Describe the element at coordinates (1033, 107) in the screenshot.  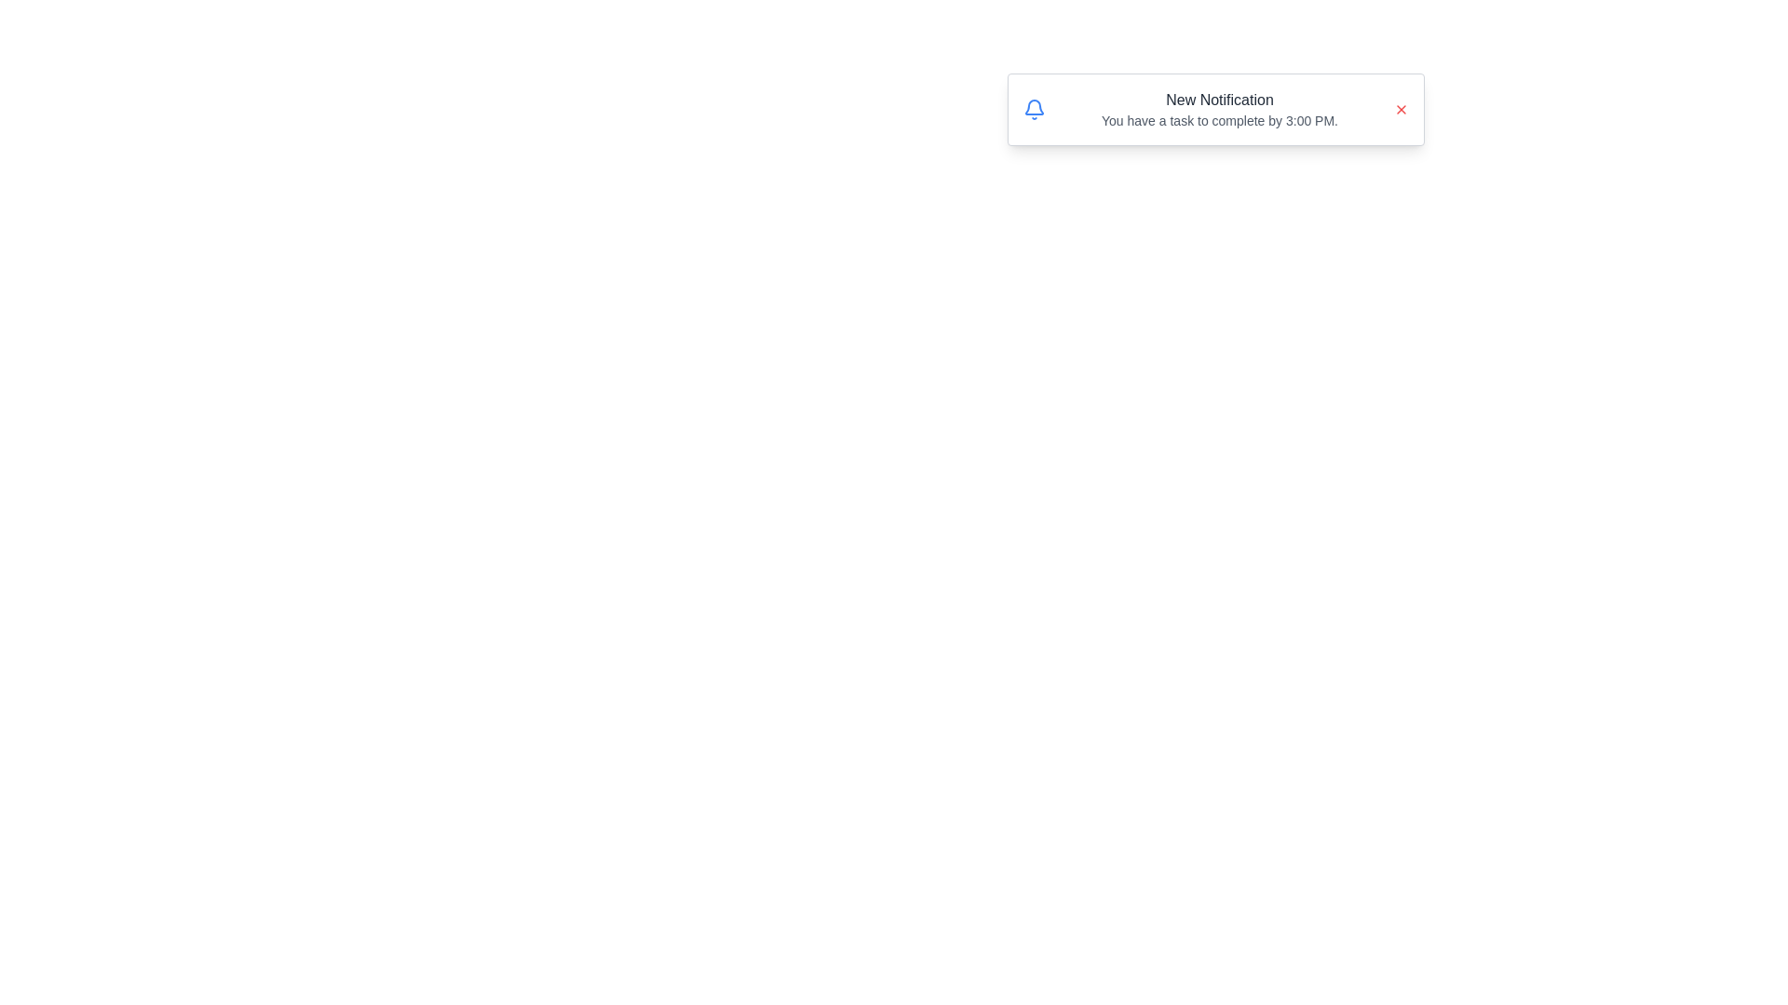
I see `the notification icon located near the left edge of the notification banner that displays 'New Notification' and the description 'You have a task to complete by 3:00 PM.'` at that location.